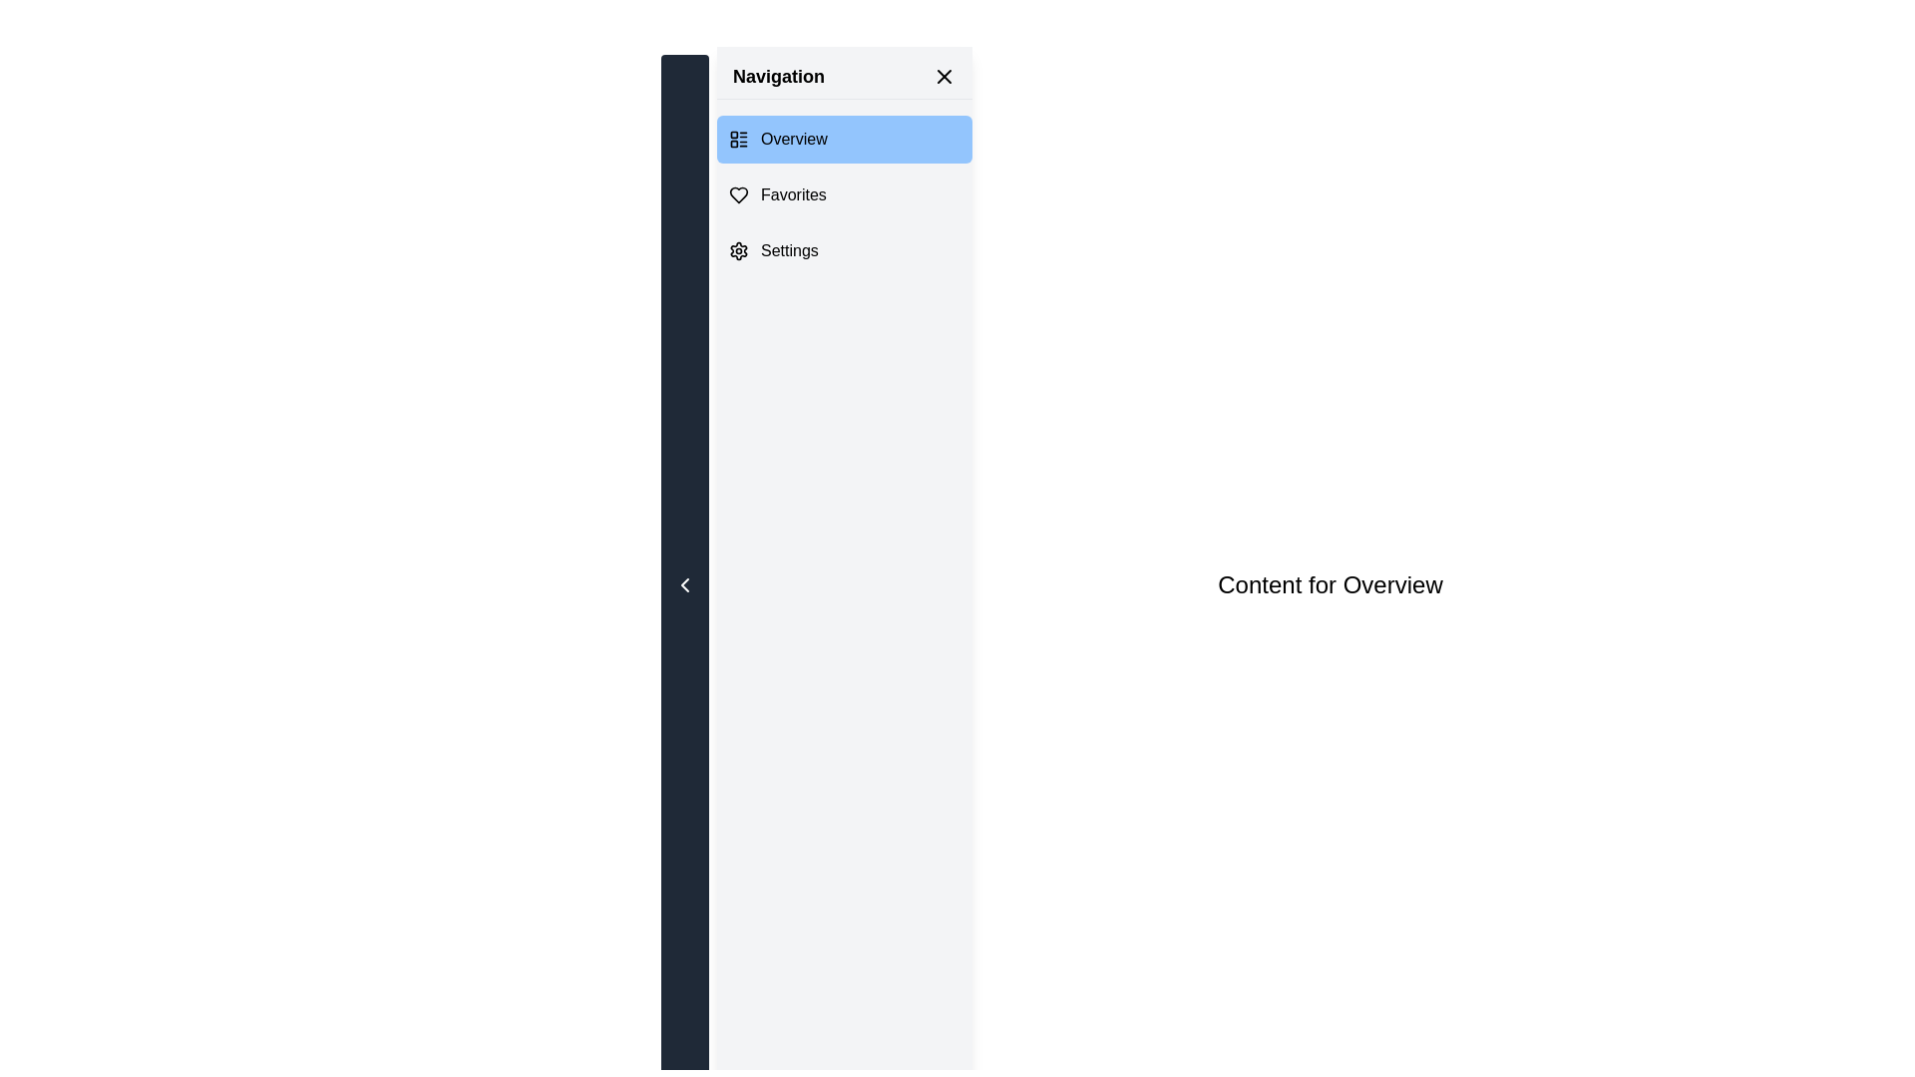  What do you see at coordinates (789, 249) in the screenshot?
I see `the Text label located below the 'Favorites' item in the left navigation menu, next to the gear icon` at bounding box center [789, 249].